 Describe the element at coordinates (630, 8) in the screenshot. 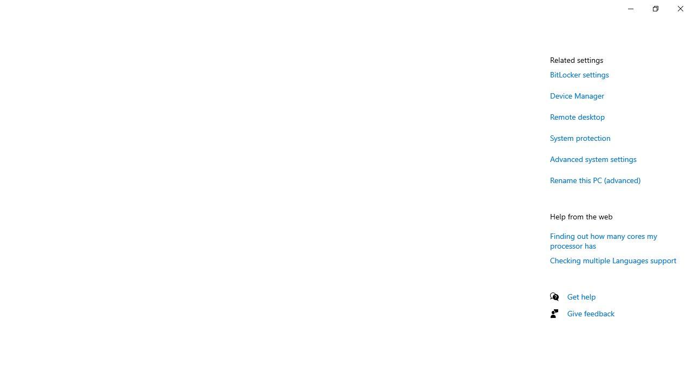

I see `'Minimize Settings'` at that location.